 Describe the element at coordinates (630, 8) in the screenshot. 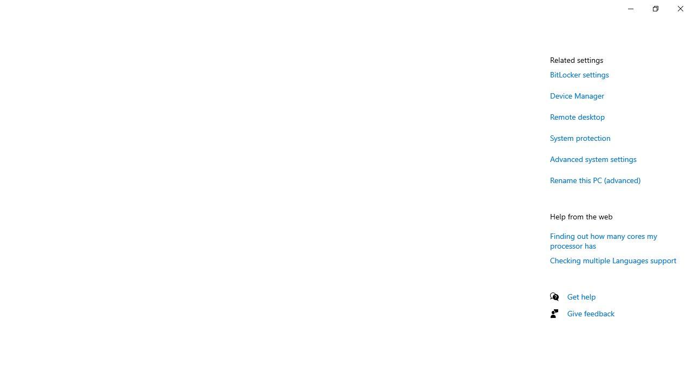

I see `'Minimize Settings'` at that location.